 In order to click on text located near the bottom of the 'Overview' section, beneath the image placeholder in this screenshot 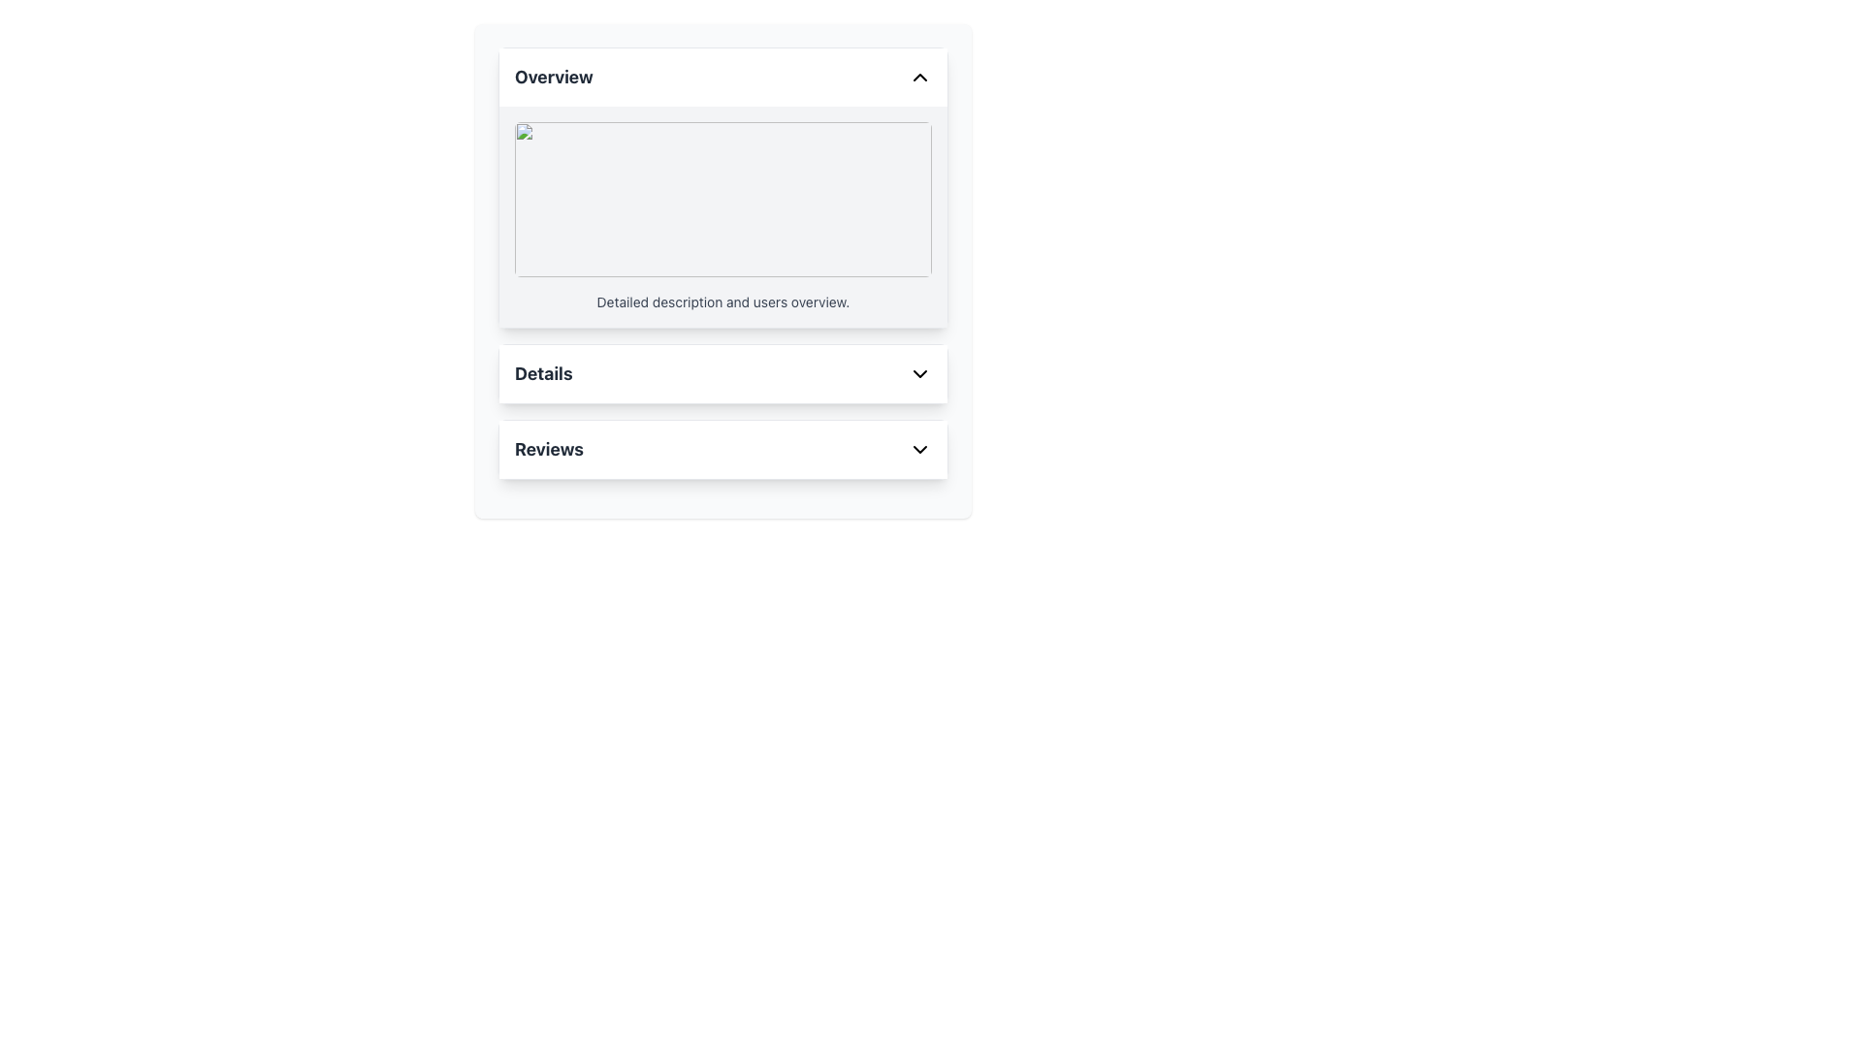, I will do `click(722, 302)`.